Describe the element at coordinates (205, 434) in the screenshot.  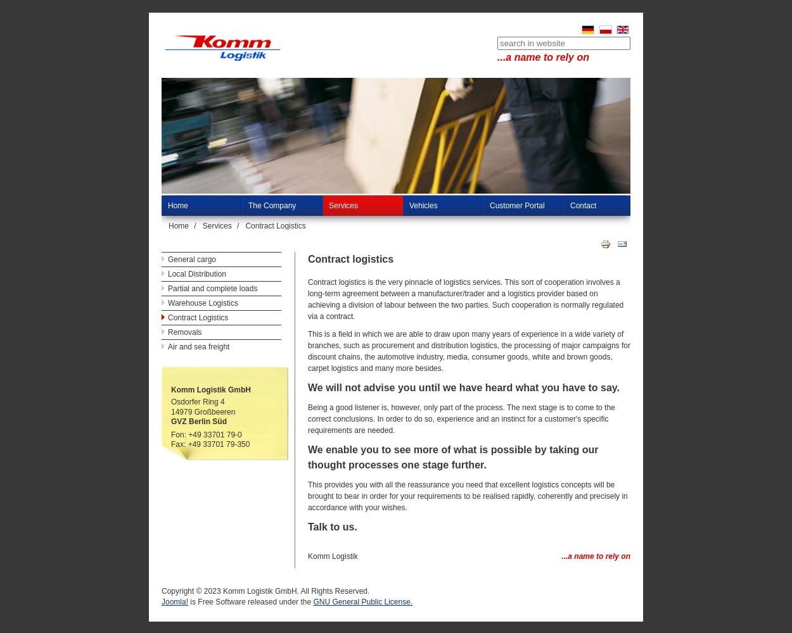
I see `'Fon: +49 33701 79-0'` at that location.